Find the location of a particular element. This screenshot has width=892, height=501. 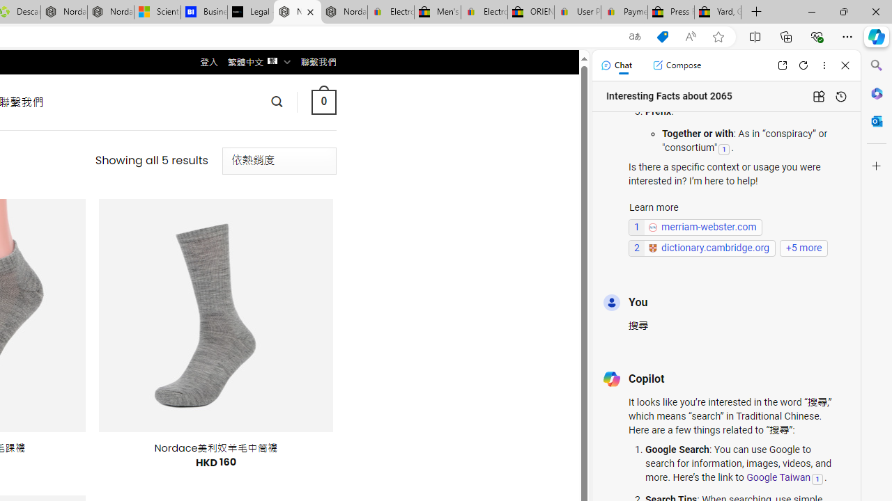

'Payments Terms of Use | eBay.com' is located at coordinates (624, 12).